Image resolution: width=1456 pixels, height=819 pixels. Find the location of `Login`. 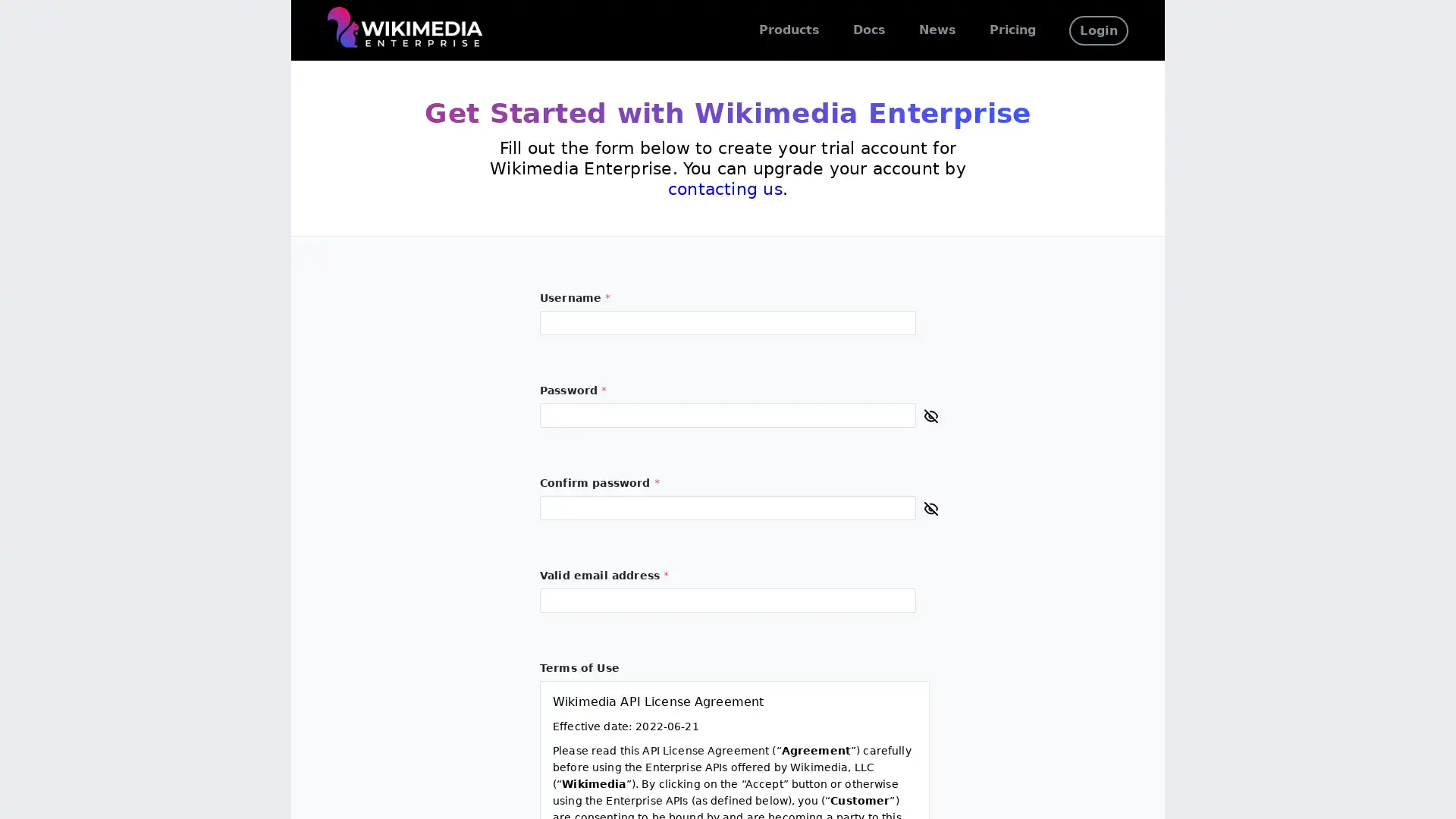

Login is located at coordinates (1099, 30).